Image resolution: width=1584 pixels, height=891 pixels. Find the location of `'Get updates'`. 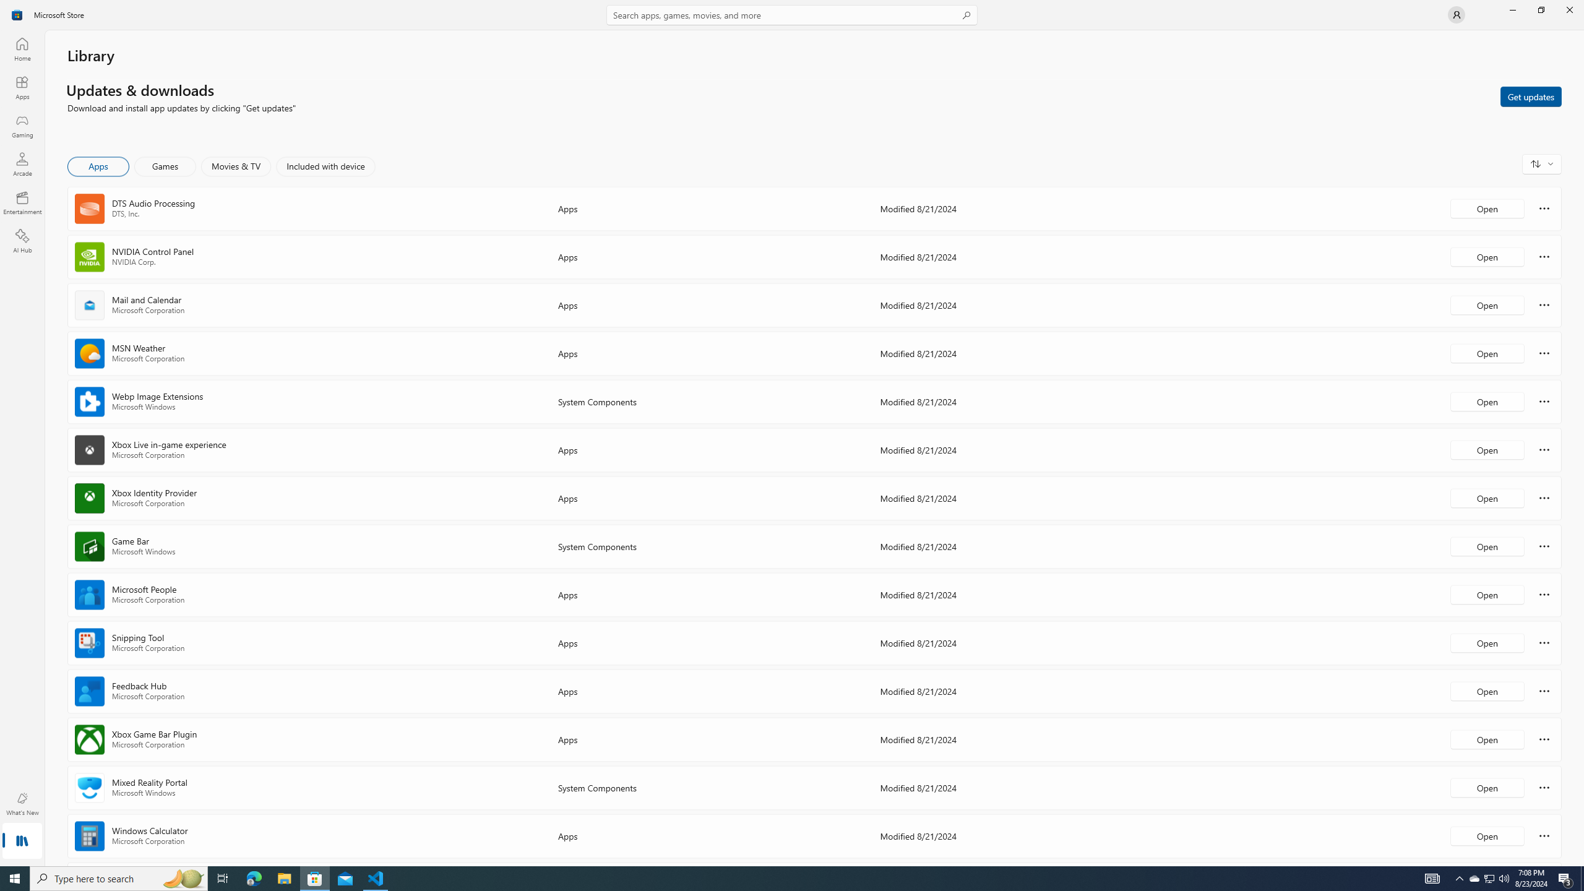

'Get updates' is located at coordinates (1531, 95).